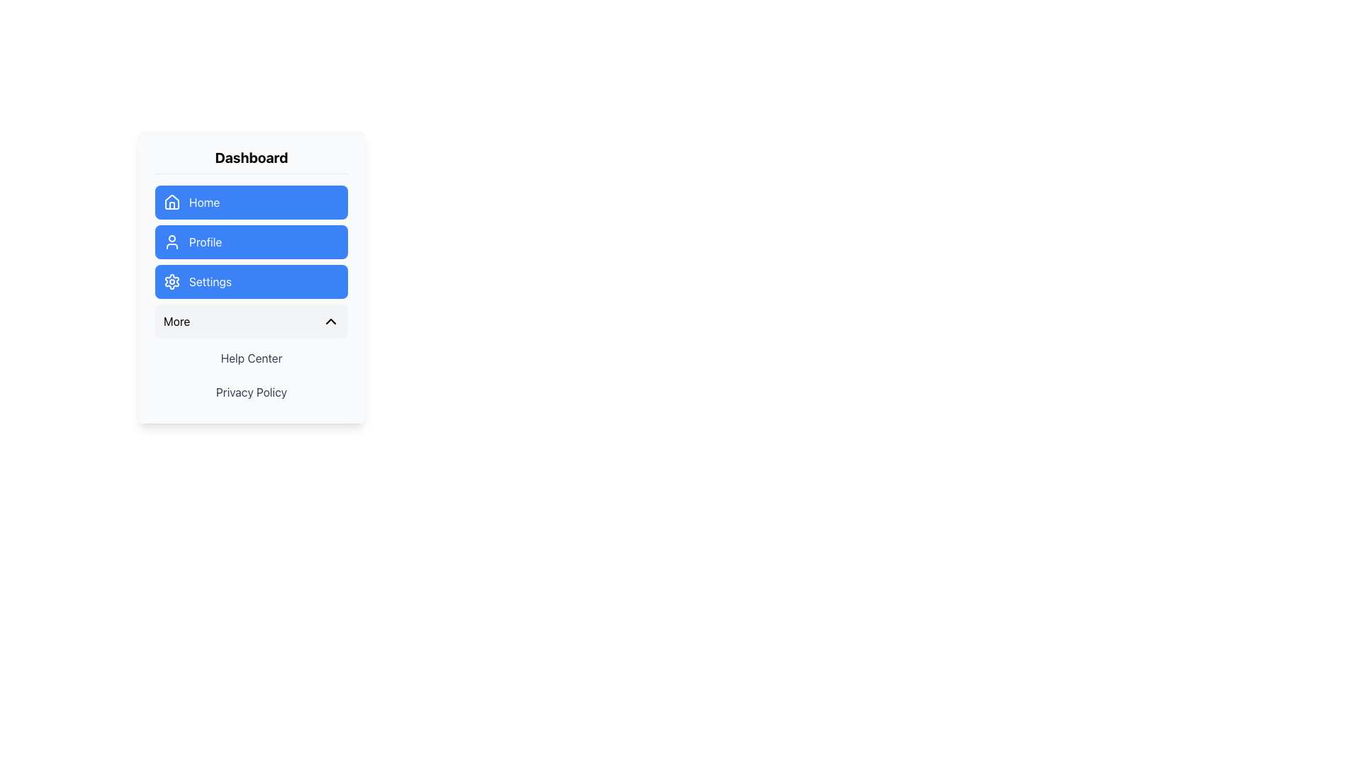 The width and height of the screenshot is (1361, 765). What do you see at coordinates (252, 357) in the screenshot?
I see `the navigational link labeled 'Help Center' located under the 'More' section, above the 'Privacy Policy' link` at bounding box center [252, 357].